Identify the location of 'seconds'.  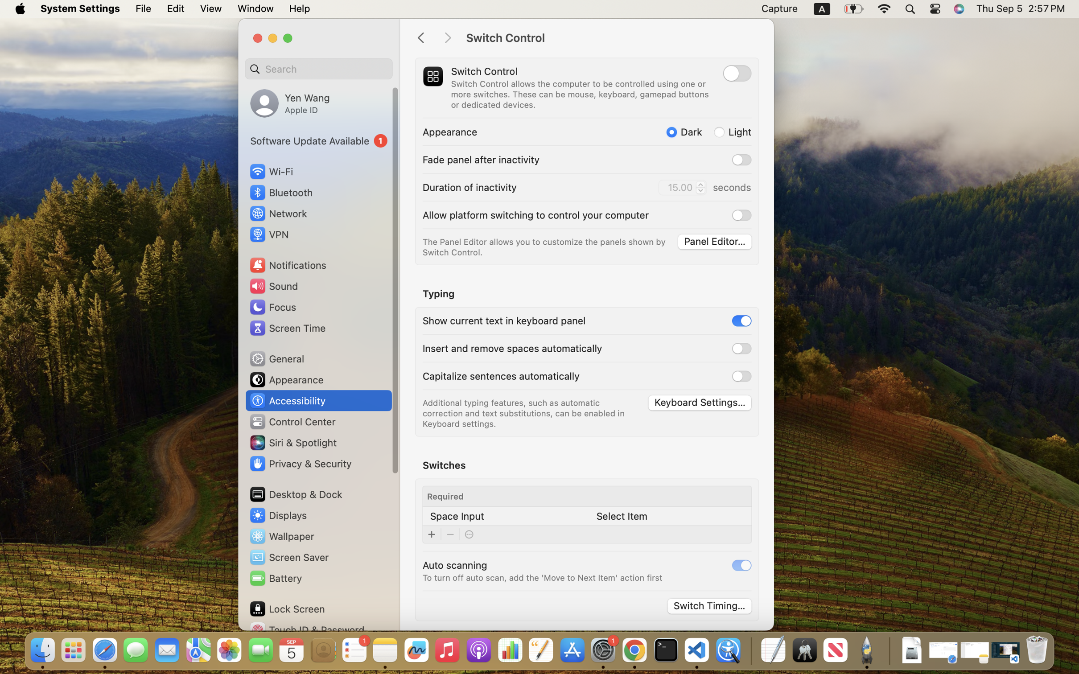
(731, 187).